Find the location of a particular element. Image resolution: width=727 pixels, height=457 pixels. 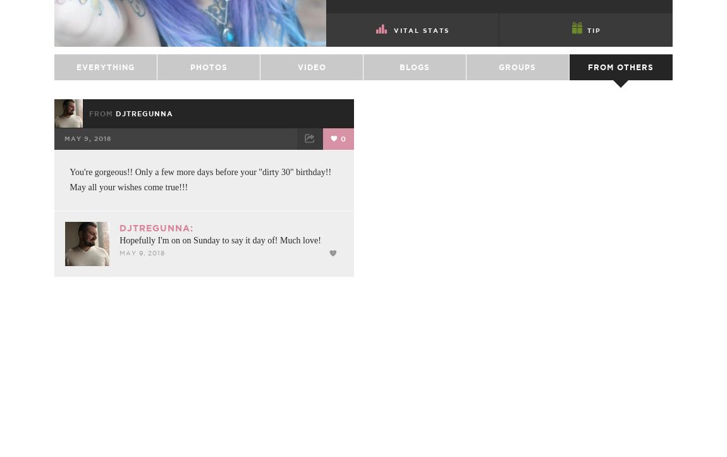

'djtregunna' is located at coordinates (144, 143).